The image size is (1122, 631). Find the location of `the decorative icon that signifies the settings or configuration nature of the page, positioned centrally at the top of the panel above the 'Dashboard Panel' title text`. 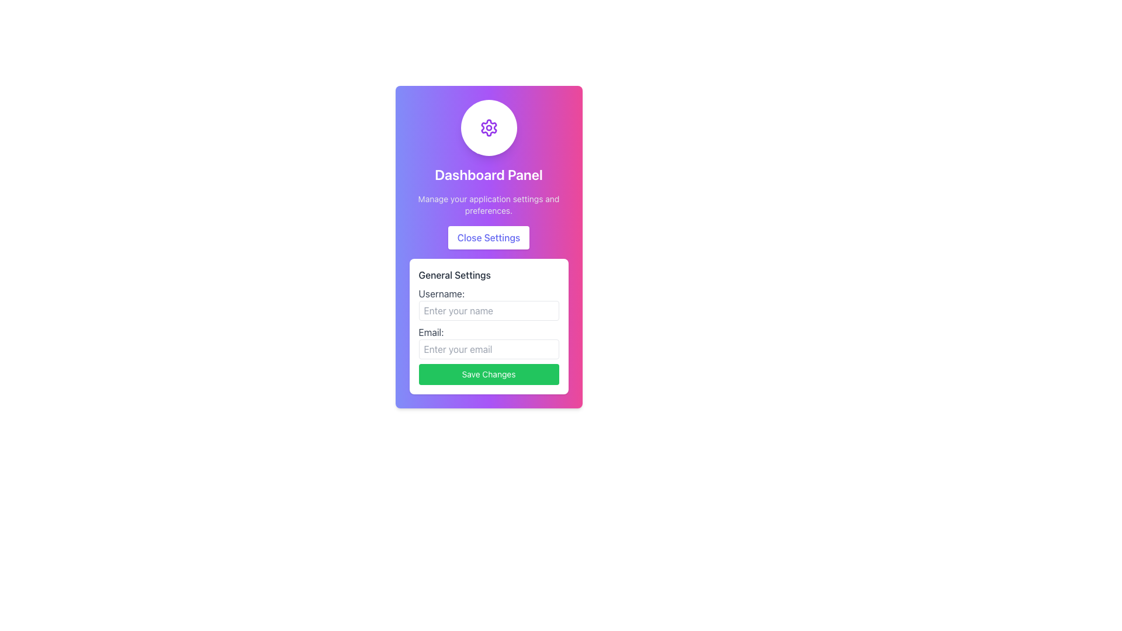

the decorative icon that signifies the settings or configuration nature of the page, positioned centrally at the top of the panel above the 'Dashboard Panel' title text is located at coordinates (489, 128).